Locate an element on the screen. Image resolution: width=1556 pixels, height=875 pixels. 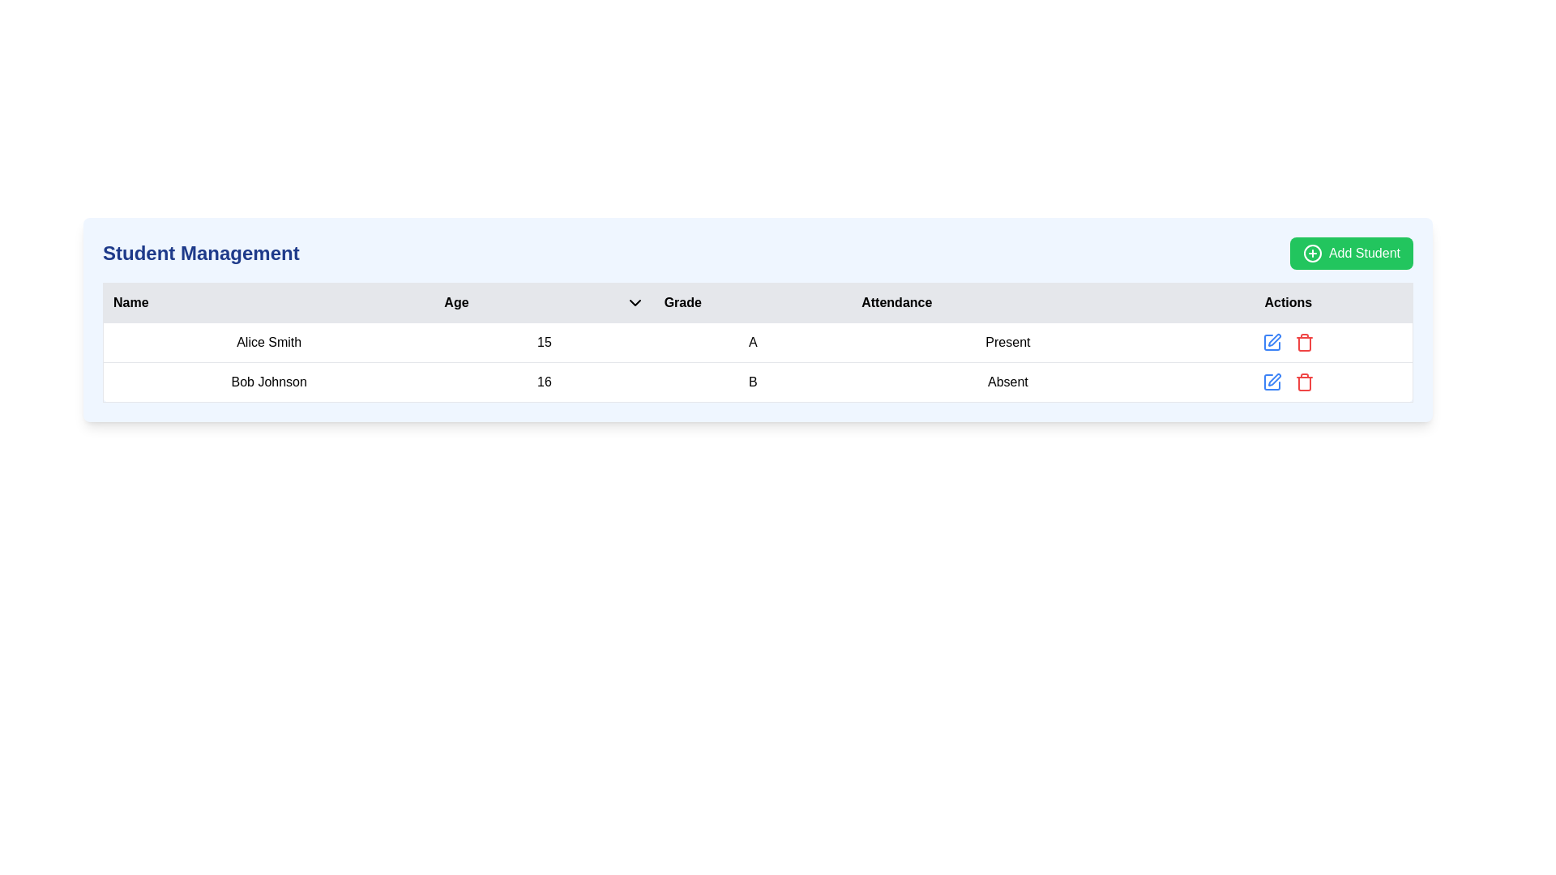
the control group containing the blue pen icon and the red trash bin icon positioned at the right end of the table row for 'Alice Smith, Age 15, Grade A, Attendance Present' is located at coordinates (1287, 342).